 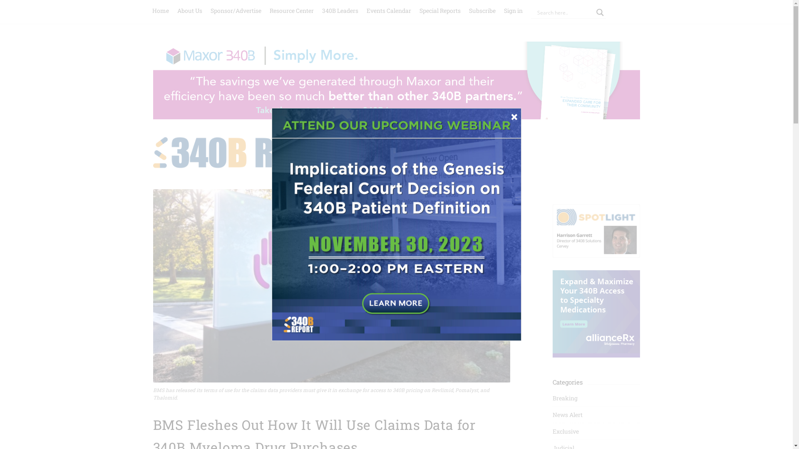 I want to click on 'Subscribe', so click(x=481, y=10).